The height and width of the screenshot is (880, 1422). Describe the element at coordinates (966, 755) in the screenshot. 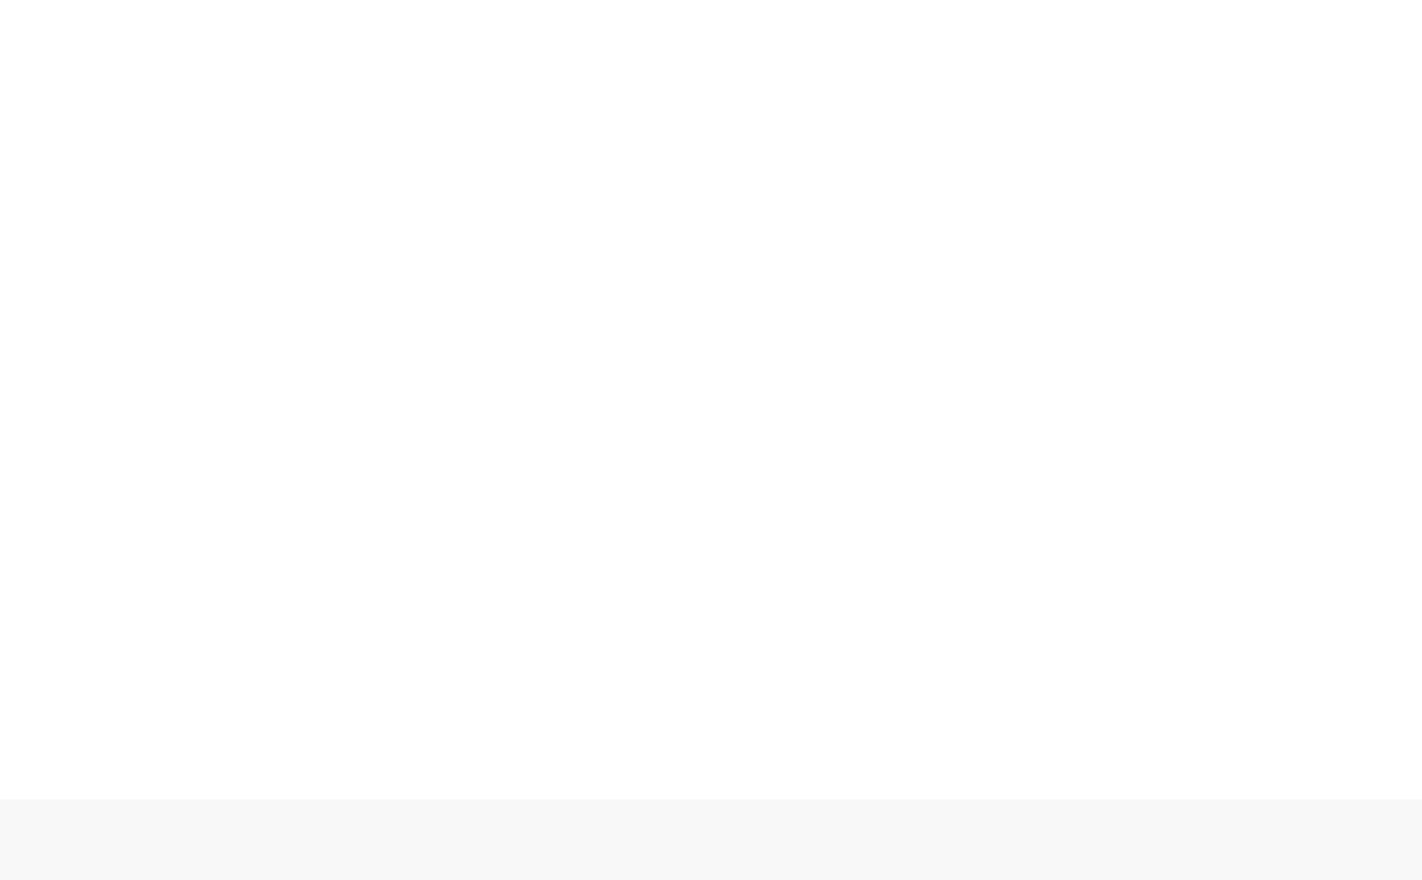

I see `'5 Star Book Reviews'` at that location.